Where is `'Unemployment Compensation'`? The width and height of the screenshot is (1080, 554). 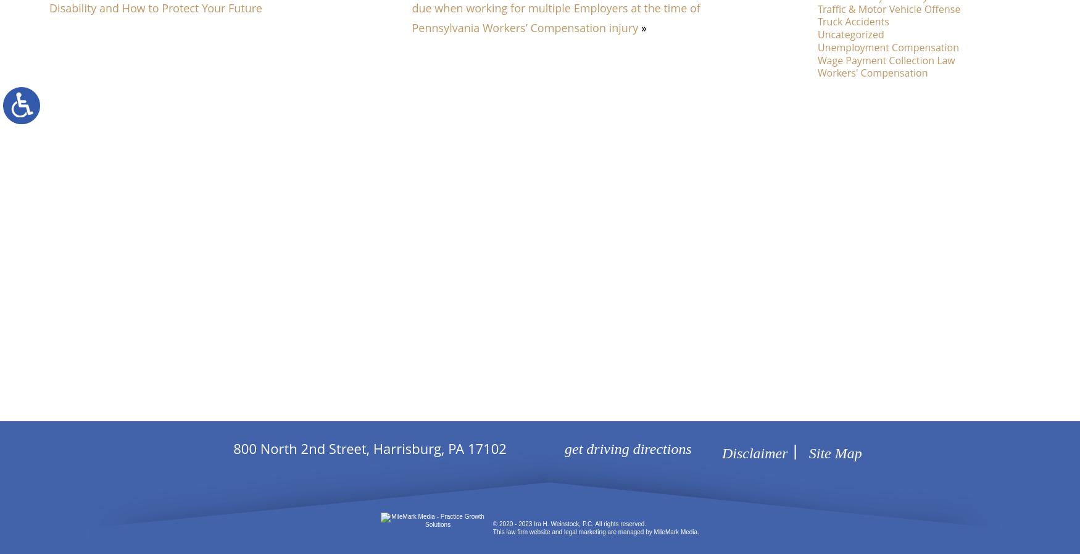
'Unemployment Compensation' is located at coordinates (888, 46).